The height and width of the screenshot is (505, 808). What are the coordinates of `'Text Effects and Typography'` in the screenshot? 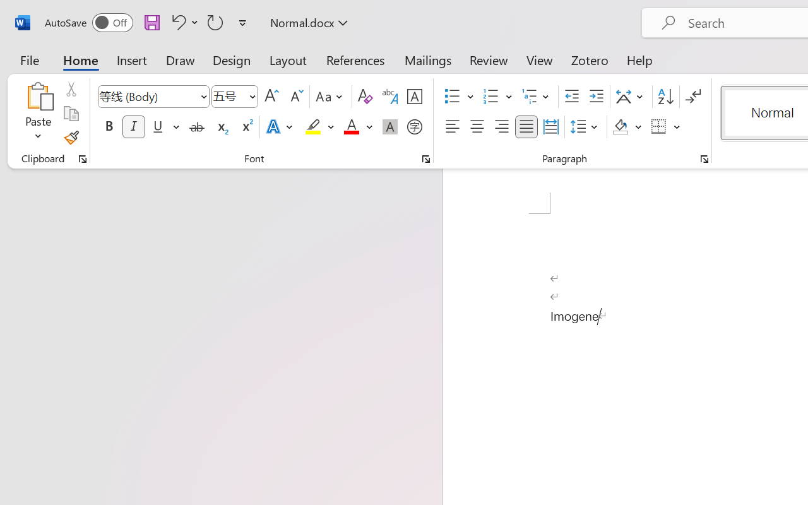 It's located at (280, 127).